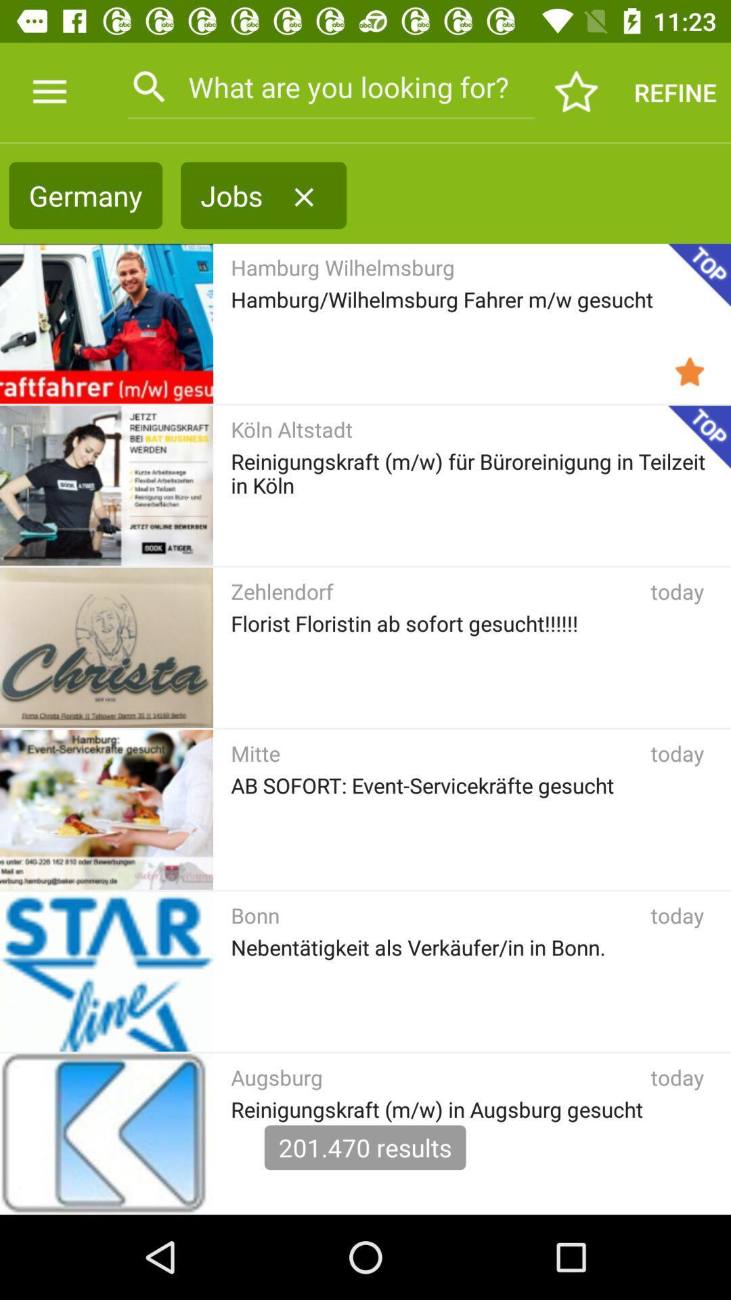  What do you see at coordinates (577, 91) in the screenshot?
I see `icon to the left of the refine` at bounding box center [577, 91].